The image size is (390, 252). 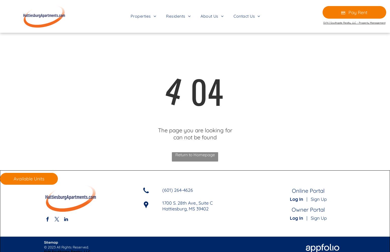 What do you see at coordinates (178, 190) in the screenshot?
I see `'(601) 264-4626'` at bounding box center [178, 190].